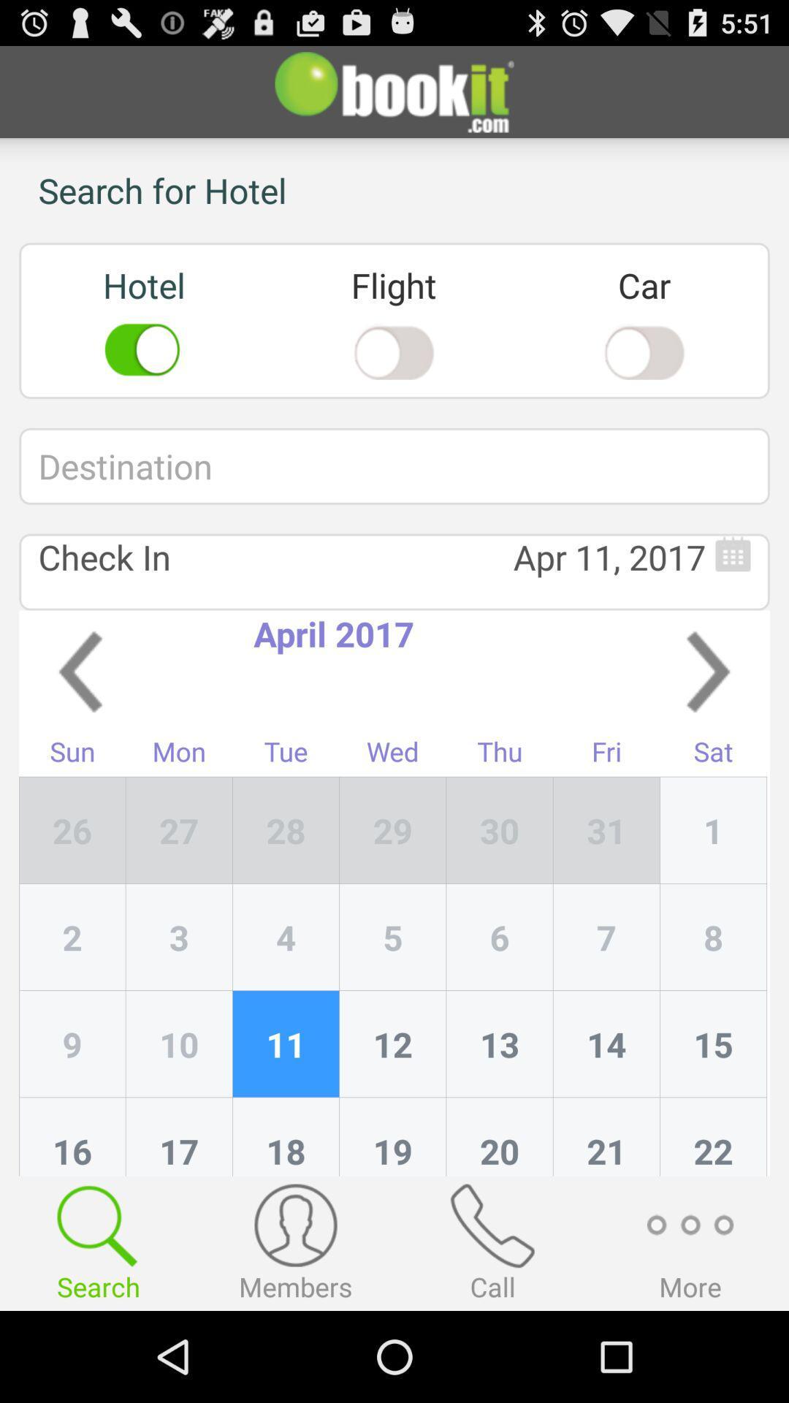 The image size is (789, 1403). What do you see at coordinates (392, 830) in the screenshot?
I see `the icon next to tue icon` at bounding box center [392, 830].